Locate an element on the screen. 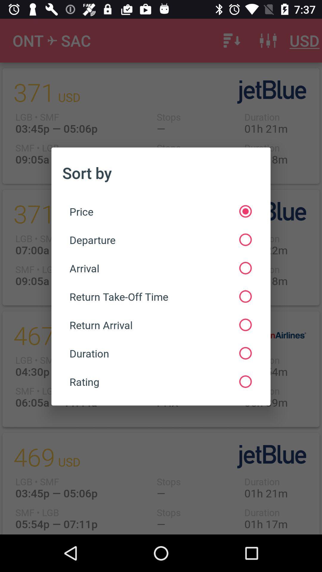  price item is located at coordinates (160, 211).